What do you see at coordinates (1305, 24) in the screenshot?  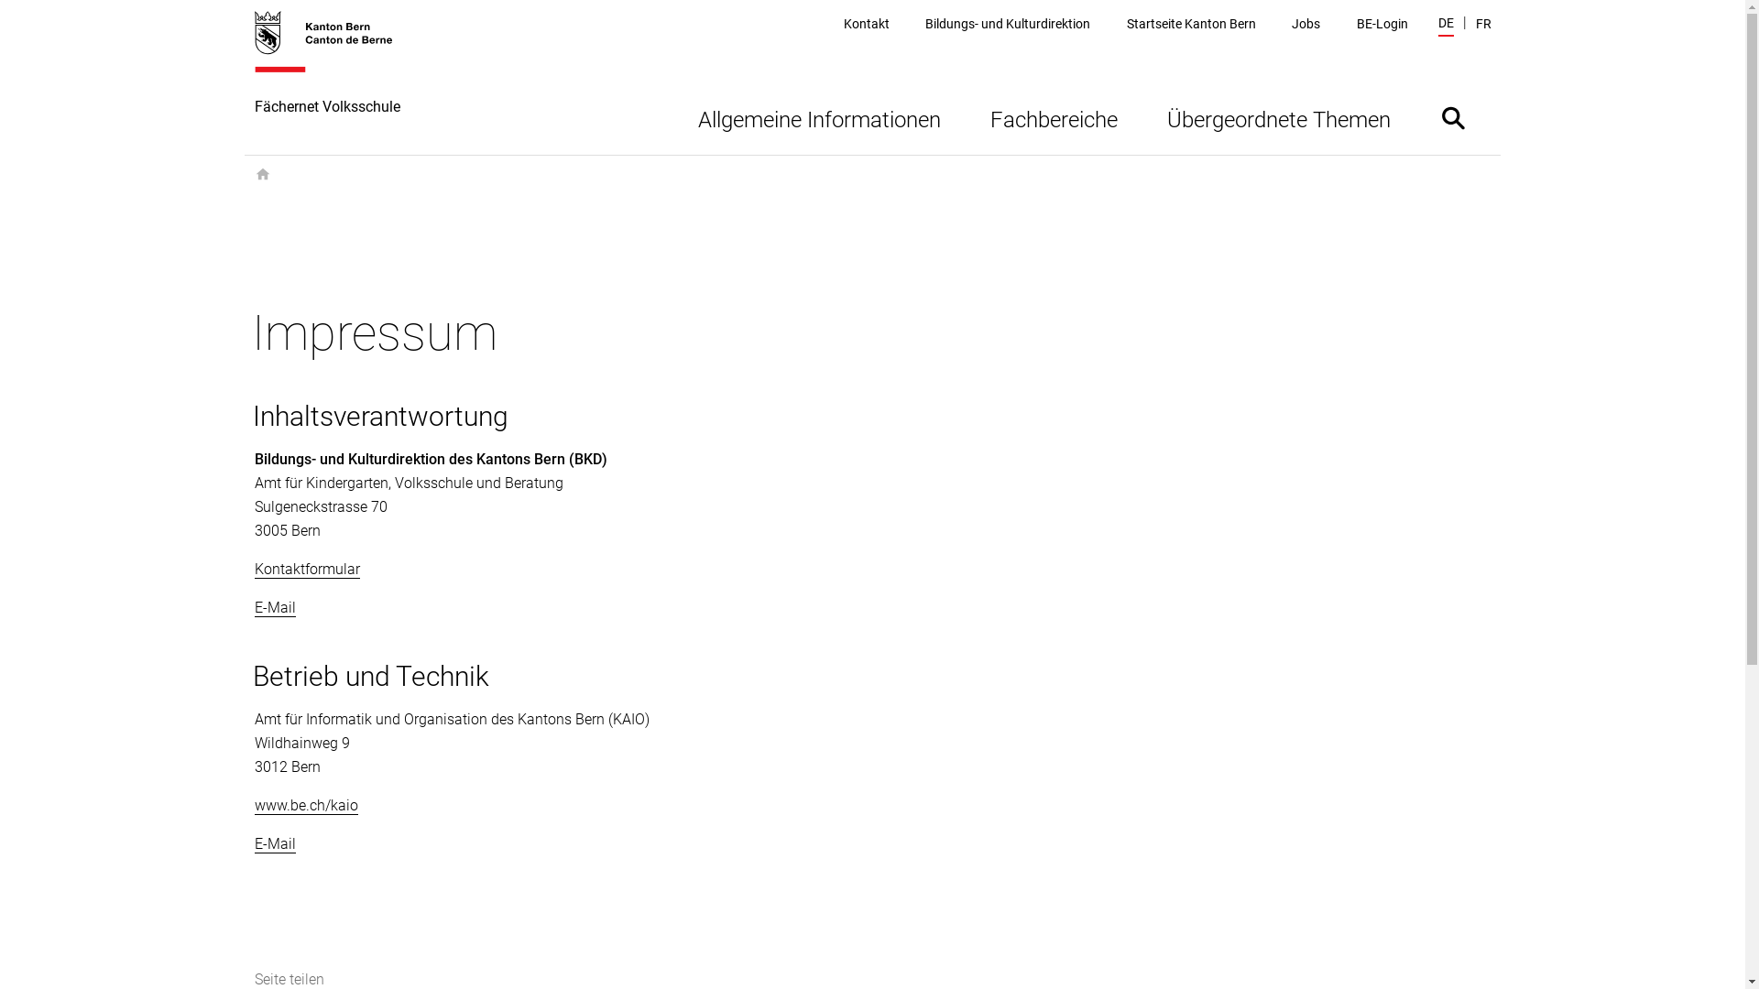 I see `'Jobs'` at bounding box center [1305, 24].